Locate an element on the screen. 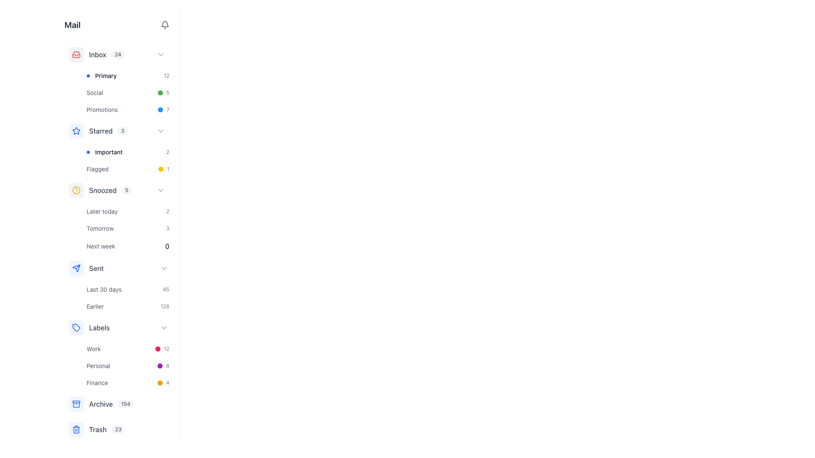  the text label displaying the number '3', located in the 'Tomorrow' section under the 'Snoozed' category in the sidebar is located at coordinates (168, 228).